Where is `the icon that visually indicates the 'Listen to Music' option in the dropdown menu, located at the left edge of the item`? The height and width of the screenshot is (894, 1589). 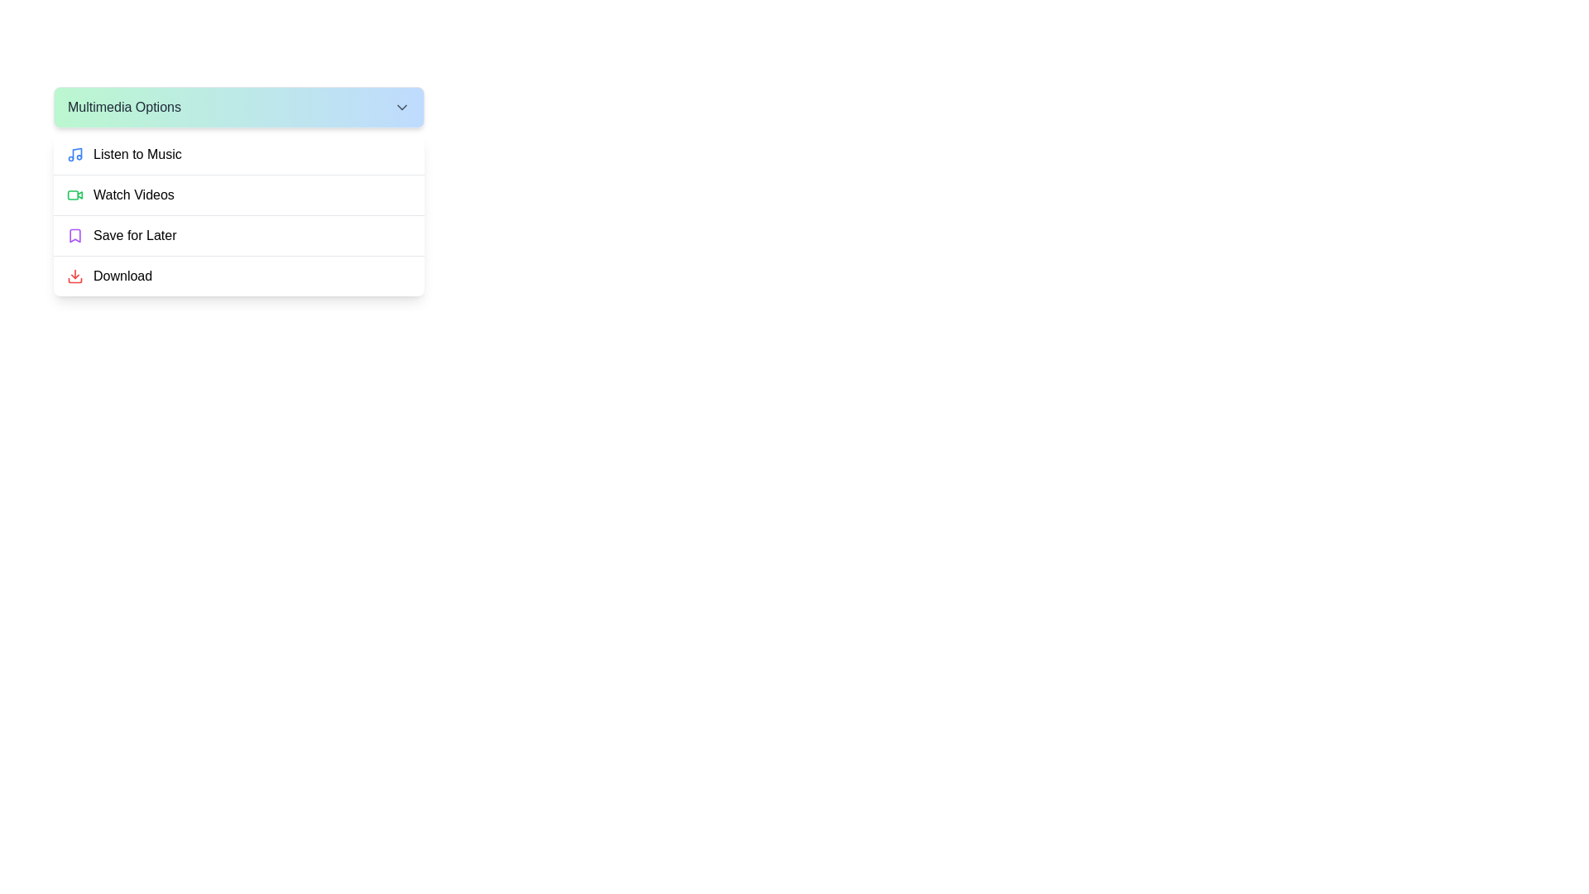
the icon that visually indicates the 'Listen to Music' option in the dropdown menu, located at the left edge of the item is located at coordinates (74, 154).